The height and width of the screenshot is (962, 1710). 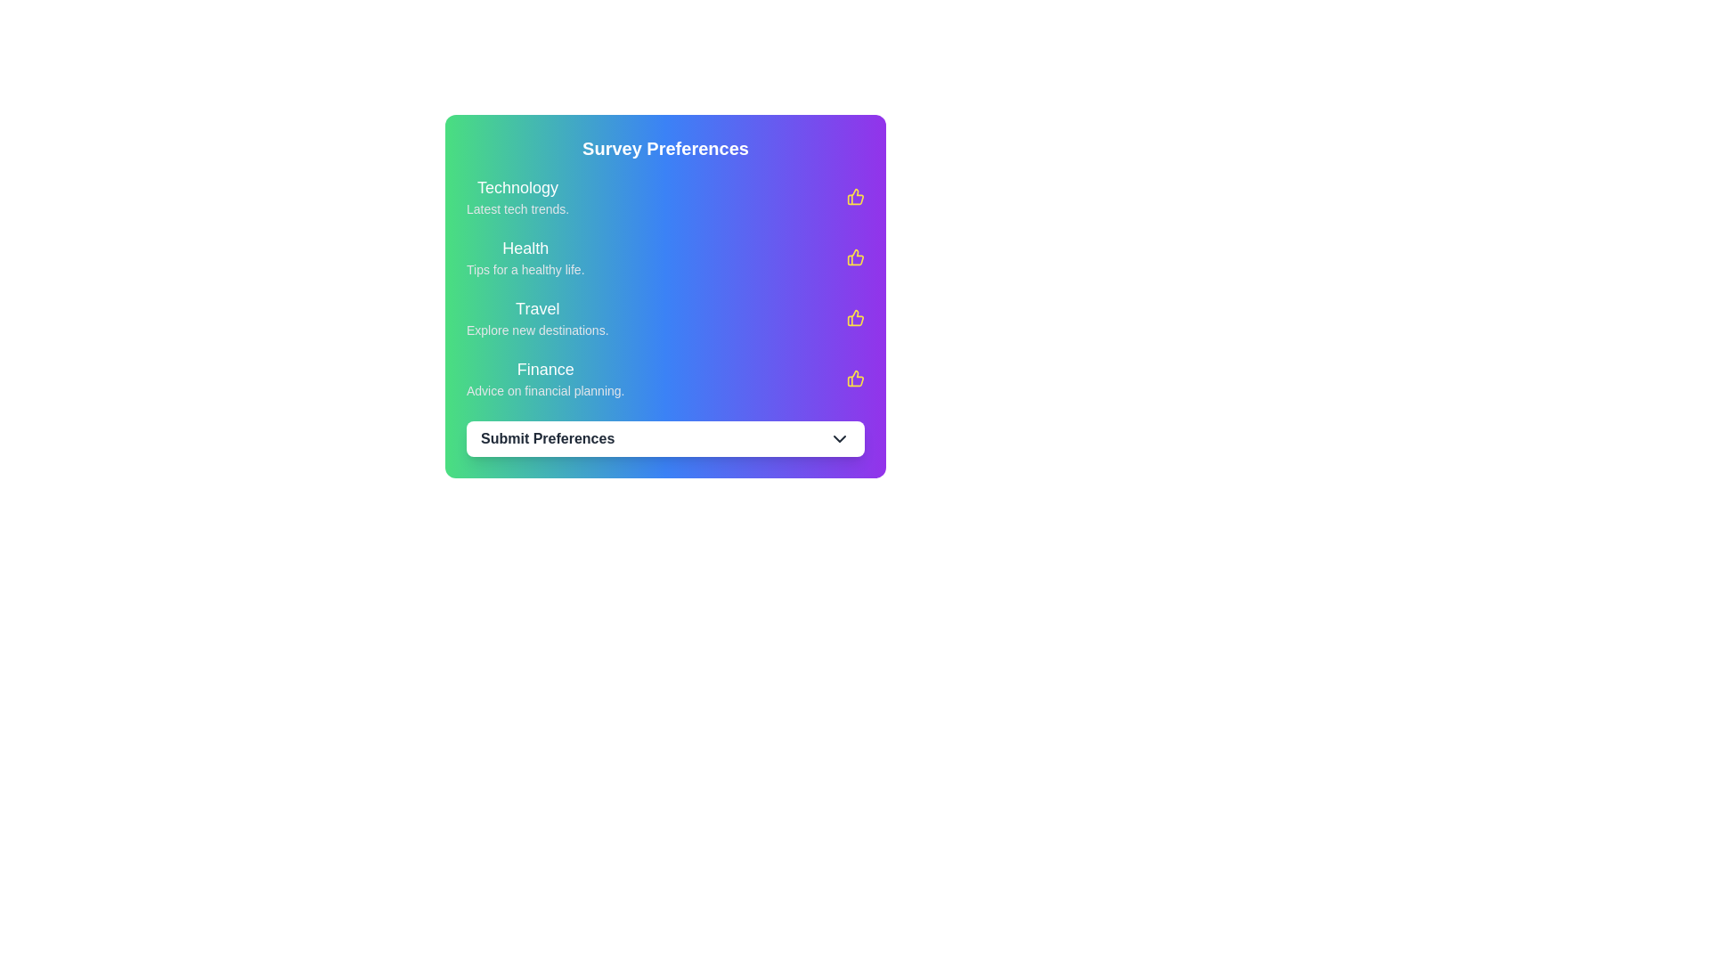 I want to click on the 'Health' text label in the 'Survey Preferences' section, so click(x=525, y=248).